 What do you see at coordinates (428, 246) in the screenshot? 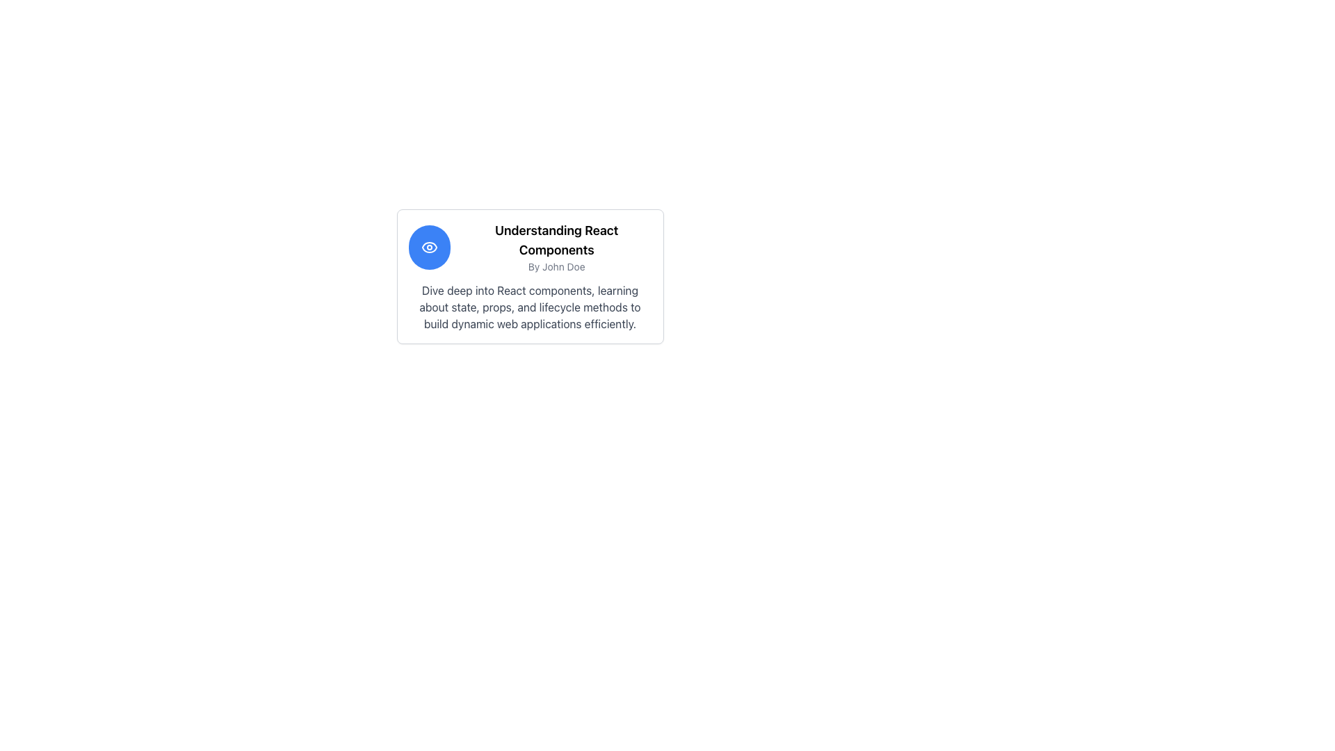
I see `the eye icon element styled as an SVG graphic, located within a blue circular button at the top-left corner of the 'Understanding React Components' card` at bounding box center [428, 246].